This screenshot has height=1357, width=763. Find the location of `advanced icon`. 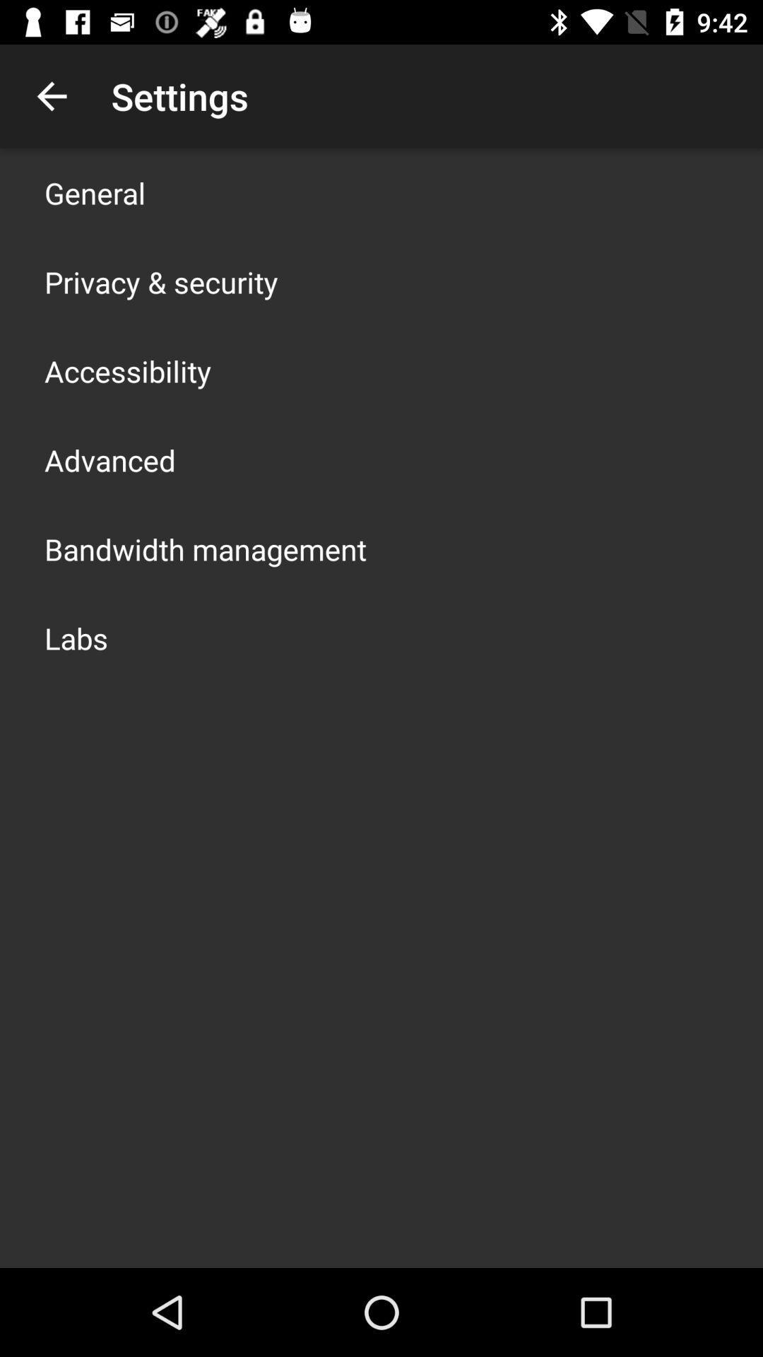

advanced icon is located at coordinates (109, 460).